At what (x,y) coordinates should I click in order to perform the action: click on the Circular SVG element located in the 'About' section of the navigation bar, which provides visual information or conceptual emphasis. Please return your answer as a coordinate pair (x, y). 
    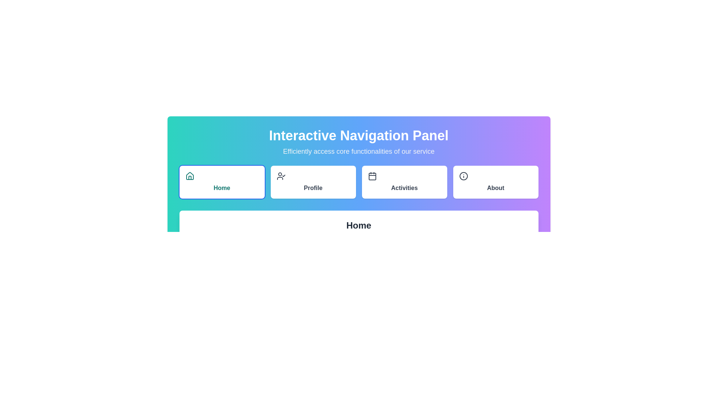
    Looking at the image, I should click on (463, 176).